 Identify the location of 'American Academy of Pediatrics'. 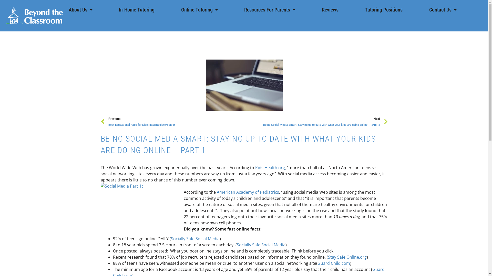
(248, 192).